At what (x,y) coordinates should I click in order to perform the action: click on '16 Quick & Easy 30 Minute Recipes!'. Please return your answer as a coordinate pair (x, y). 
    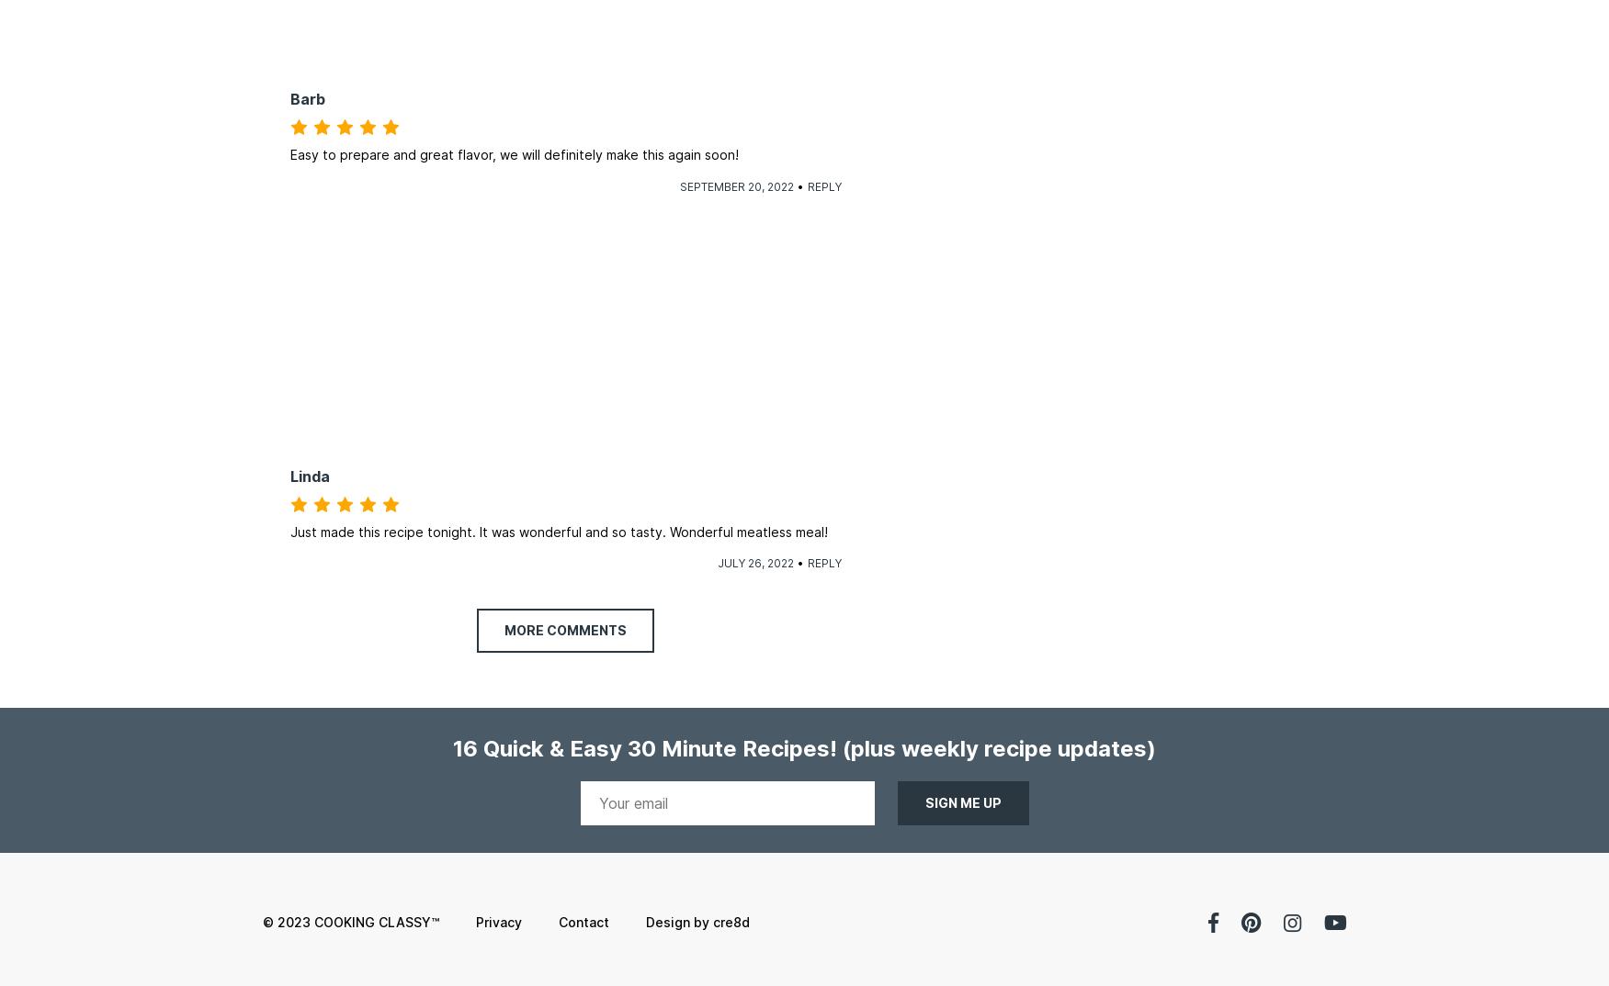
    Looking at the image, I should click on (647, 748).